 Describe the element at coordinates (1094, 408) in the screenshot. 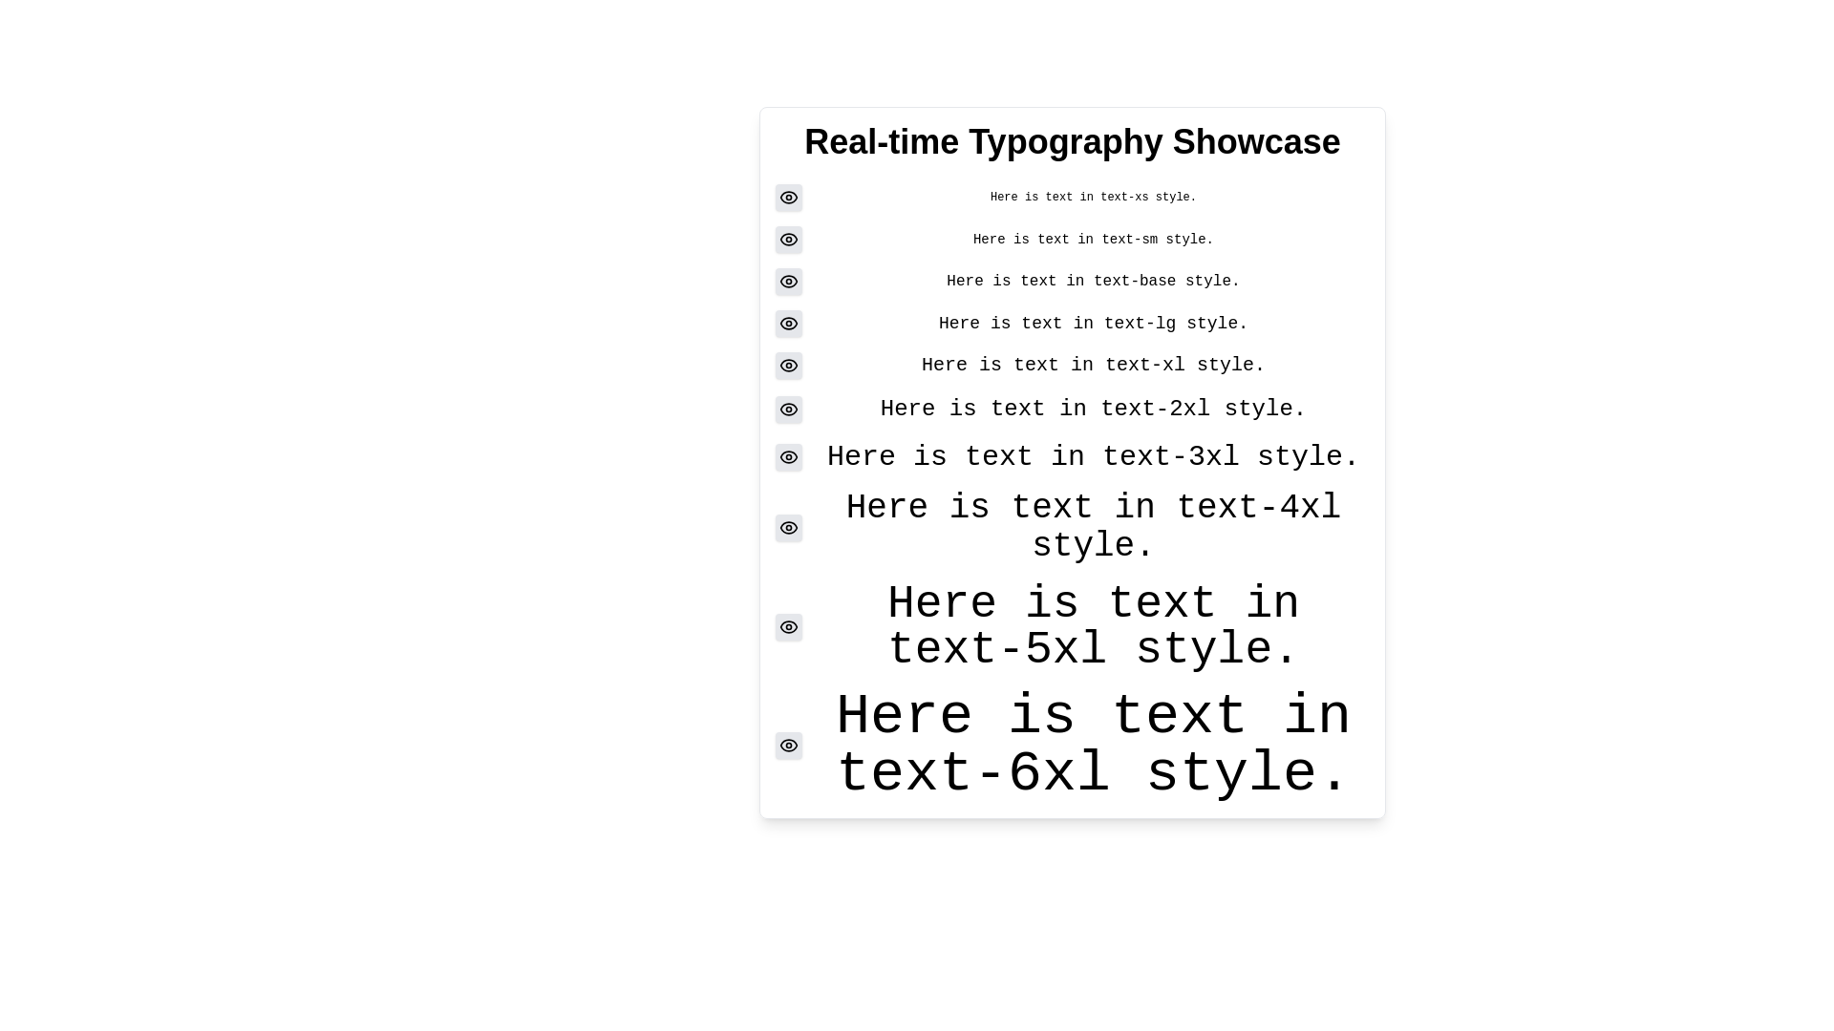

I see `the textual content area displaying 'Here is text in text-2xl style.', which is styled with a monospaced font and is the fifth element among its siblings in a horizontal flexbox layout` at that location.